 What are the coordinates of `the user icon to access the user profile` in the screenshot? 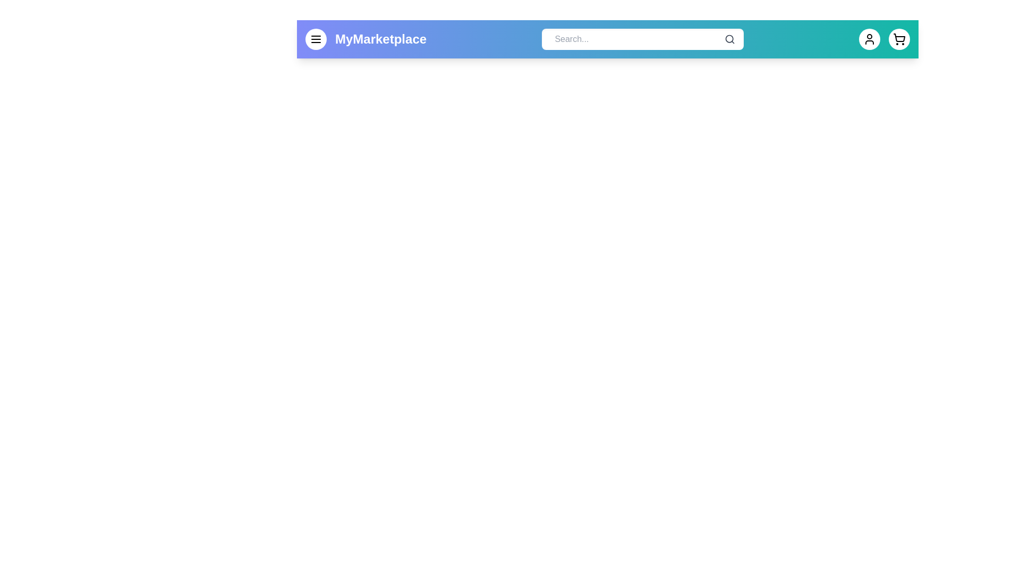 It's located at (869, 38).